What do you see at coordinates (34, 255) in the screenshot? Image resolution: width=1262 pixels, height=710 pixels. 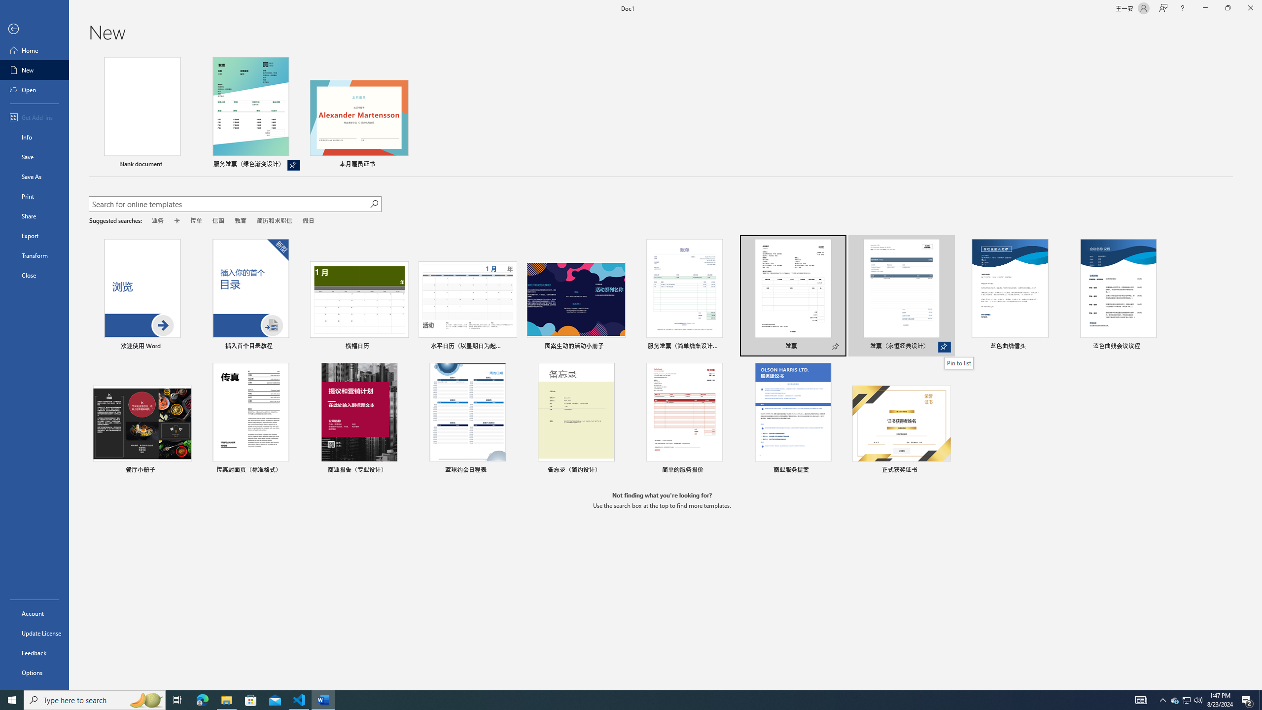 I see `'Transform'` at bounding box center [34, 255].